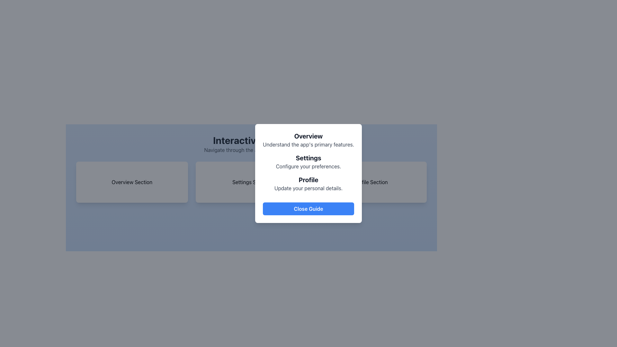  I want to click on the text content block displaying 'Profile' and 'Update your personal details.' in a white modal box, so click(308, 183).